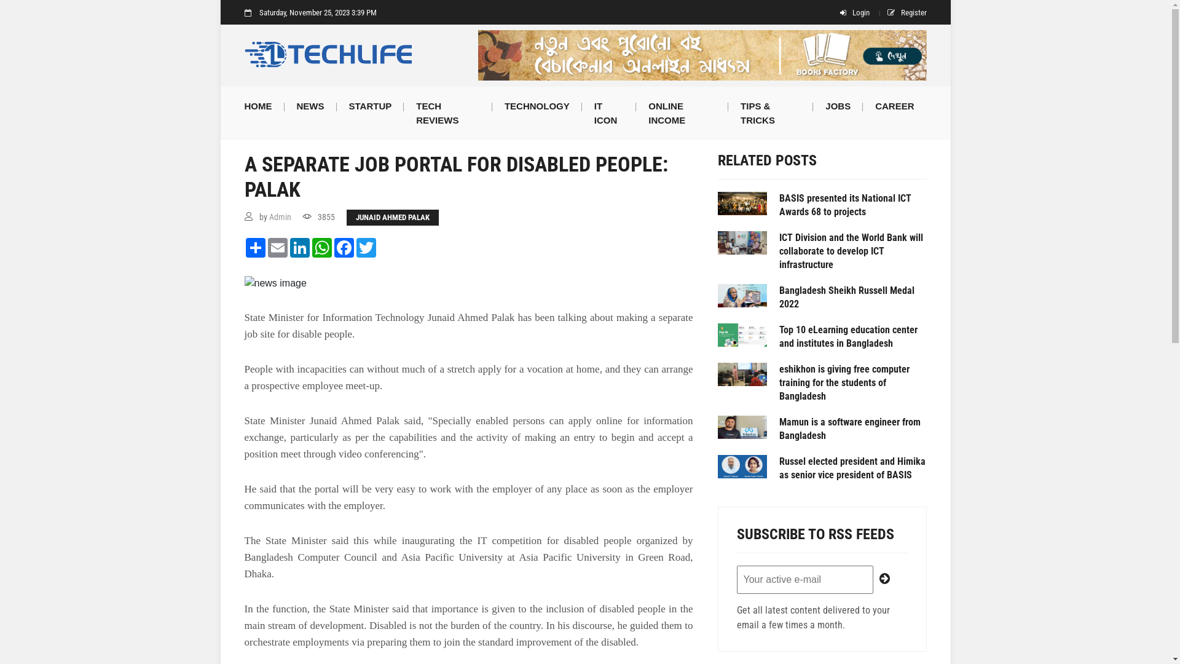  I want to click on 'IT ICON', so click(609, 112).